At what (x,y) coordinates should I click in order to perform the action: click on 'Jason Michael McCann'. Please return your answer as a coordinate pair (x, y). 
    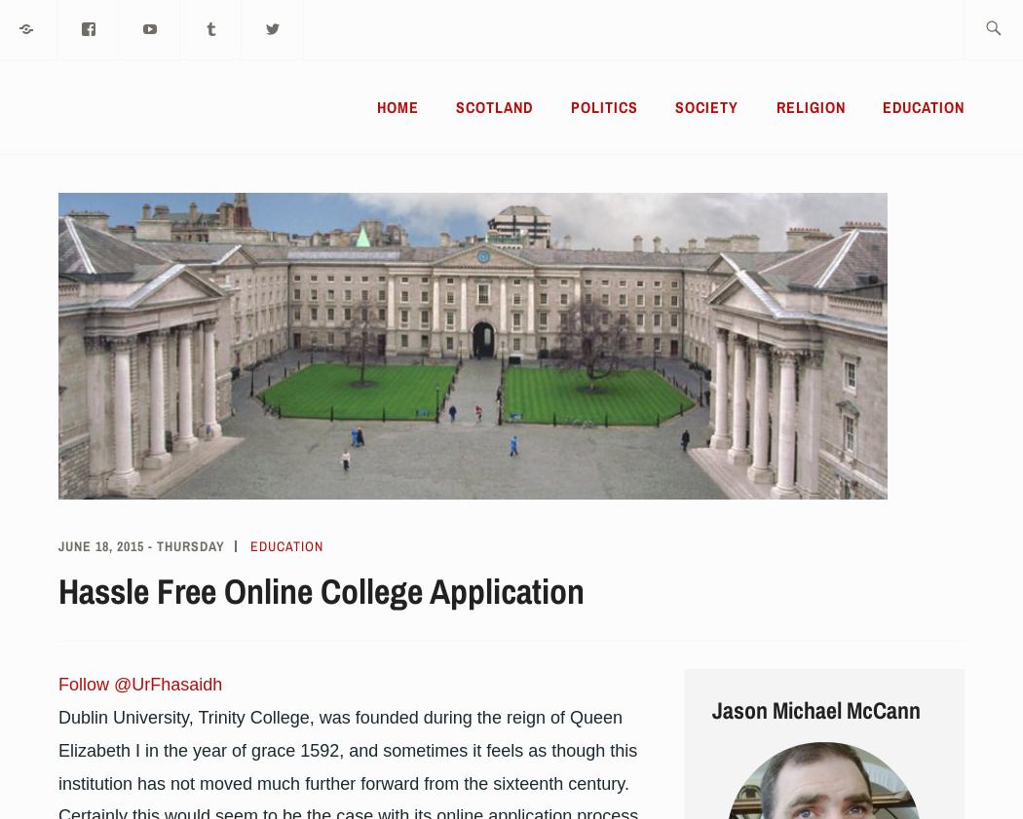
    Looking at the image, I should click on (815, 709).